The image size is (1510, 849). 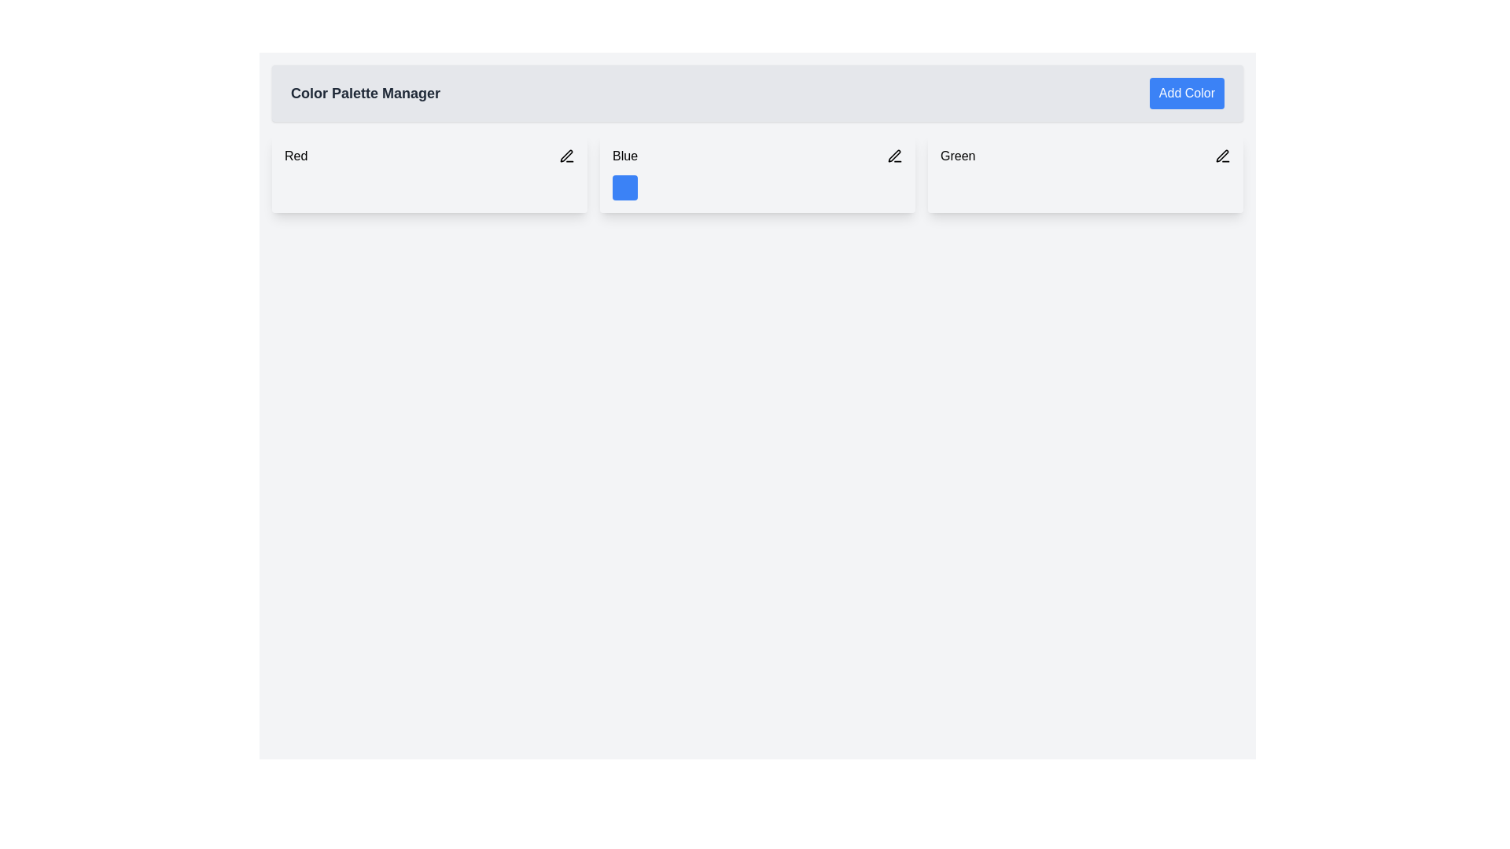 What do you see at coordinates (657, 187) in the screenshot?
I see `the middle light blue square-shaped box in the Color Palette Manager` at bounding box center [657, 187].